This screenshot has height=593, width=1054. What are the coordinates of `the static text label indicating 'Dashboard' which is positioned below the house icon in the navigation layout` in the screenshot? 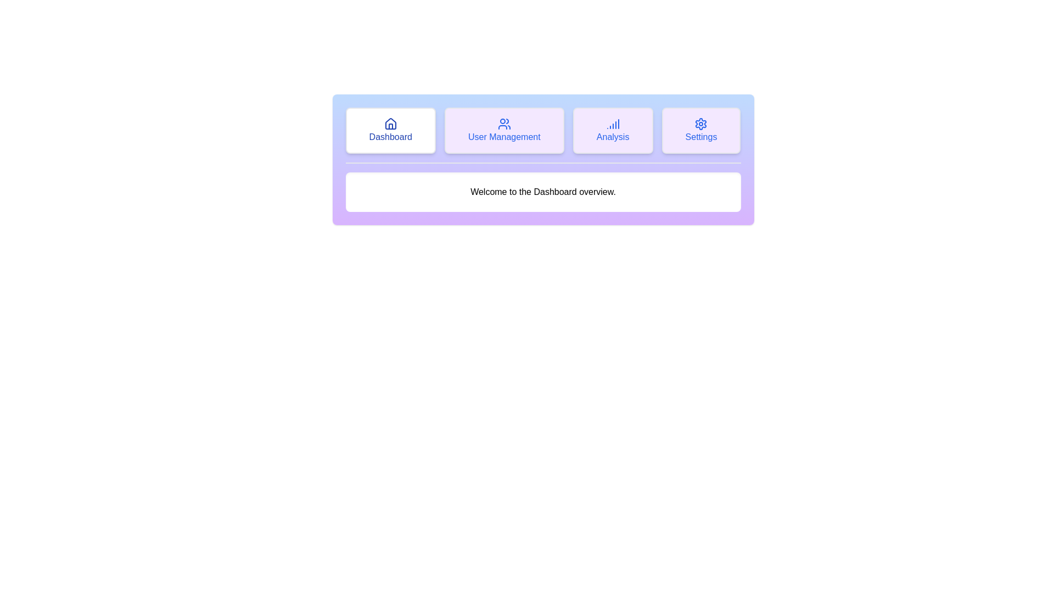 It's located at (390, 137).